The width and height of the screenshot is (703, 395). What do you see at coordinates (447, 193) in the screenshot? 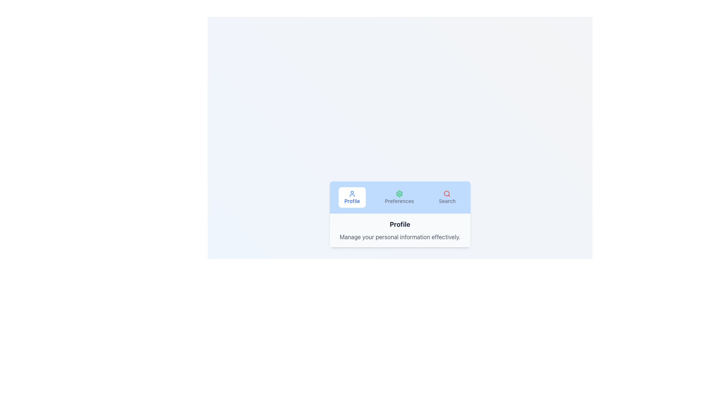
I see `the Search icon located in the top-right corner of the blue horizontal section` at bounding box center [447, 193].